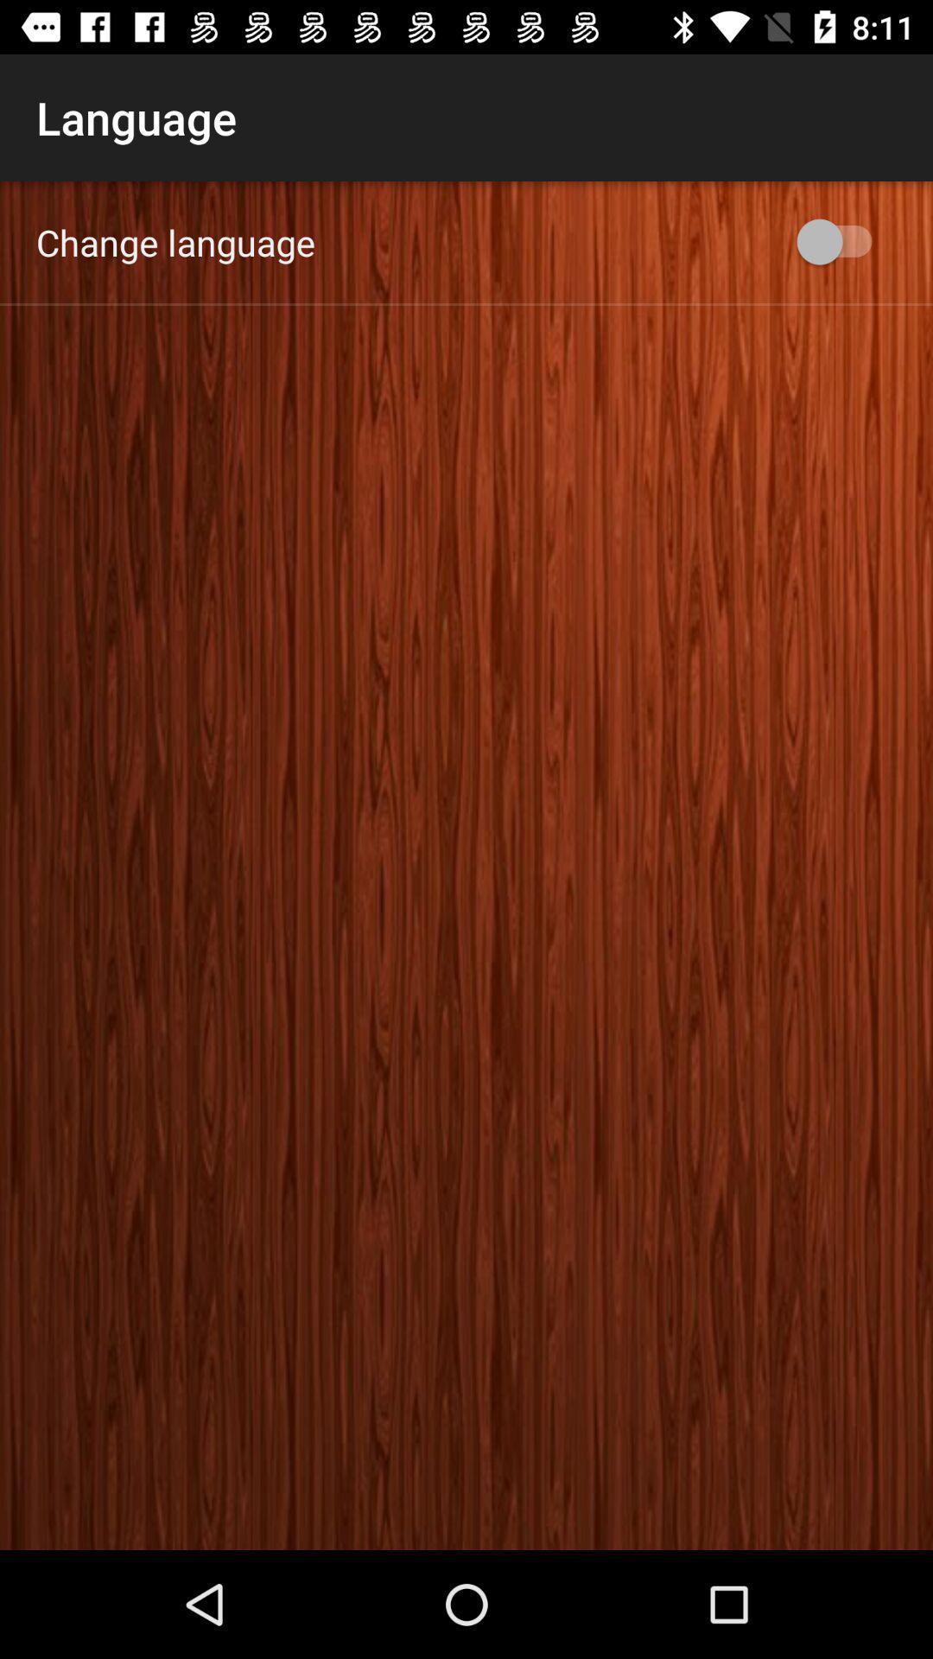  I want to click on the change language app, so click(175, 241).